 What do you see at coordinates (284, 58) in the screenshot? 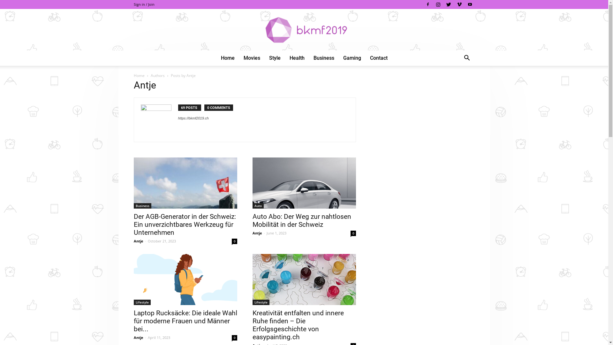
I see `'Health'` at bounding box center [284, 58].